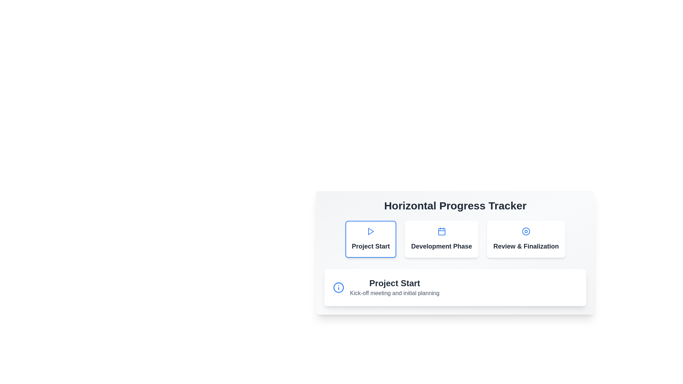 Image resolution: width=683 pixels, height=384 pixels. I want to click on the 'Review & Finalization' card in the progress tracker, so click(526, 239).